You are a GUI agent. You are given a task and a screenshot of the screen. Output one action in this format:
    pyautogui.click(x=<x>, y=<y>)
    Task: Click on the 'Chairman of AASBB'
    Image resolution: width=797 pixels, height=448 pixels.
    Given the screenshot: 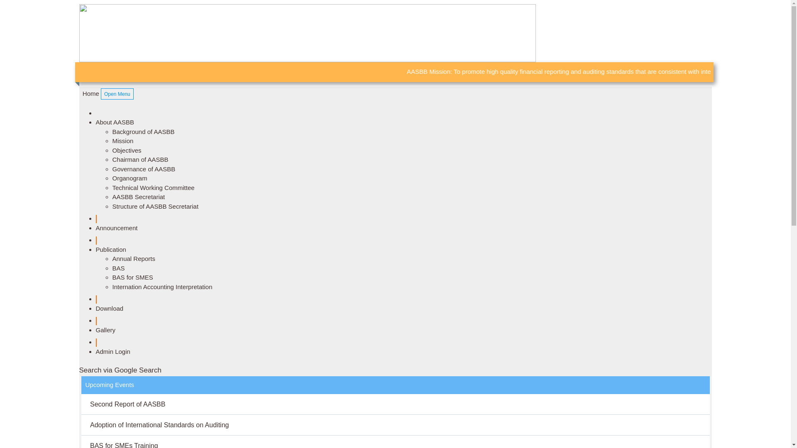 What is the action you would take?
    pyautogui.click(x=140, y=159)
    